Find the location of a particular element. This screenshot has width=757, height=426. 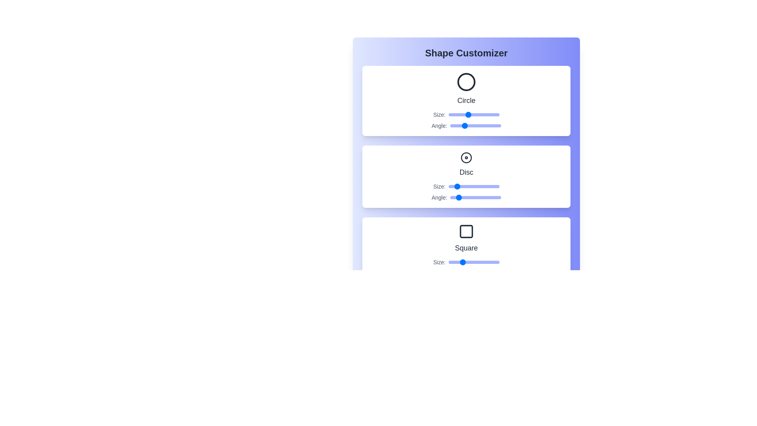

the Circle's angle slider to 36 degrees is located at coordinates (455, 125).